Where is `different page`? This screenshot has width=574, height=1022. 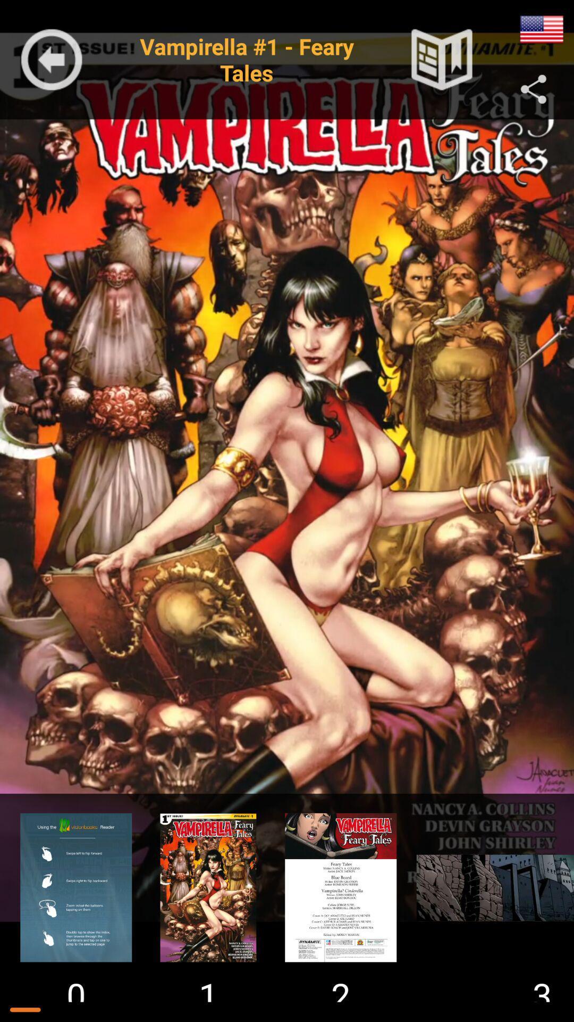 different page is located at coordinates (75, 887).